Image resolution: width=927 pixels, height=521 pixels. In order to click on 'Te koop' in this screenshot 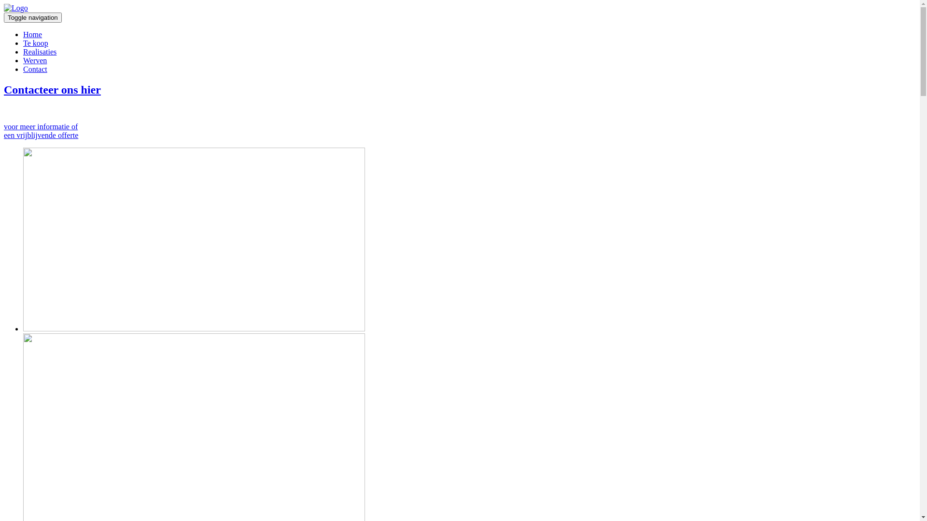, I will do `click(35, 42)`.